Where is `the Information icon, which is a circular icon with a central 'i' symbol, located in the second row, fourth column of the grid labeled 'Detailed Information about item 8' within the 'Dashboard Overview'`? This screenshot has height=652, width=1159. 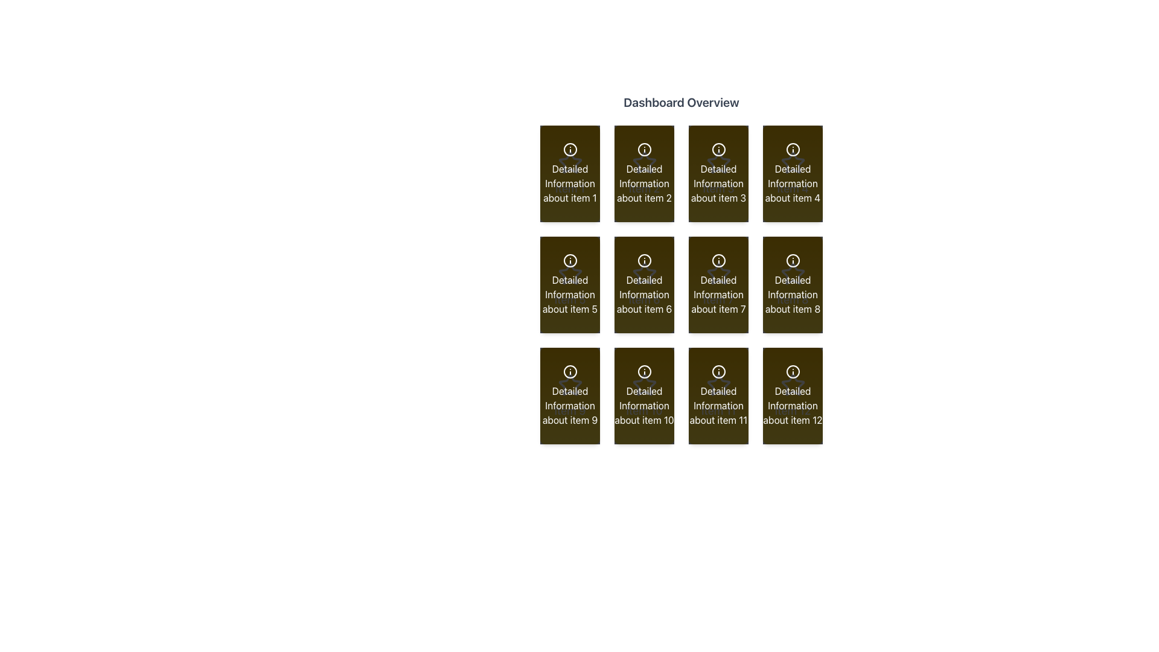 the Information icon, which is a circular icon with a central 'i' symbol, located in the second row, fourth column of the grid labeled 'Detailed Information about item 8' within the 'Dashboard Overview' is located at coordinates (793, 260).